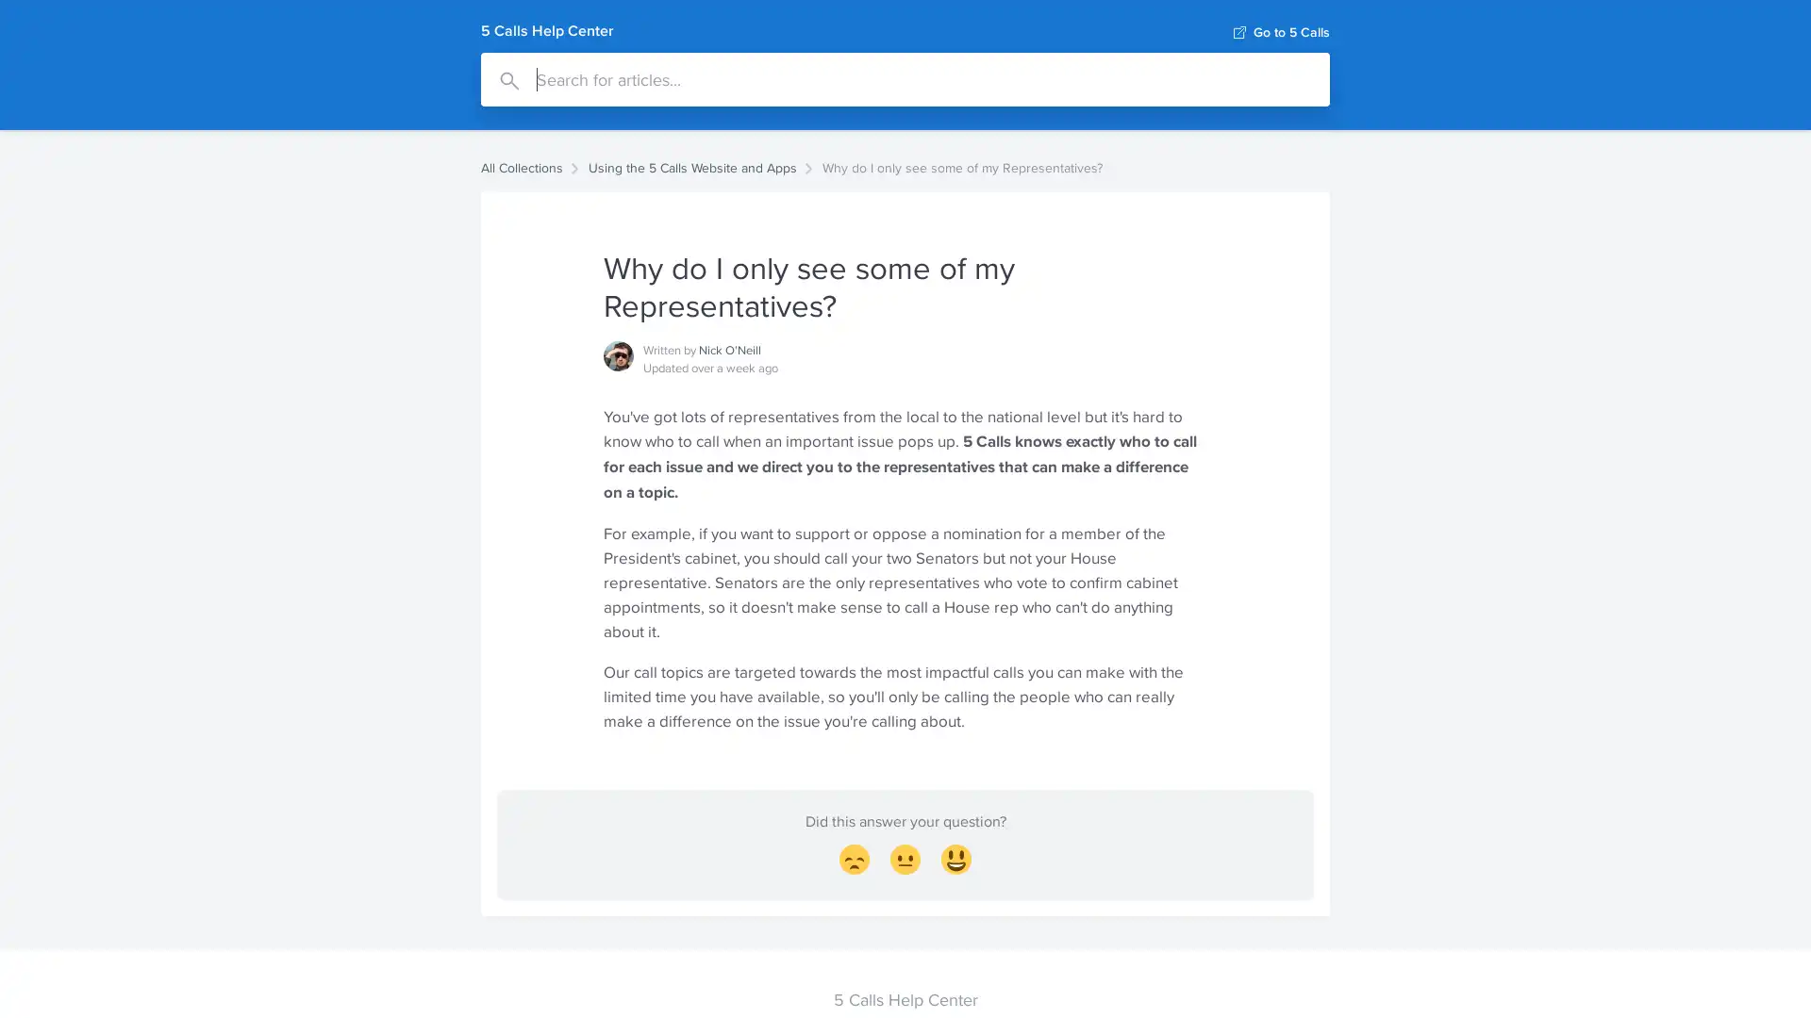 The width and height of the screenshot is (1811, 1018). I want to click on Neutral face Reaction, so click(905, 862).